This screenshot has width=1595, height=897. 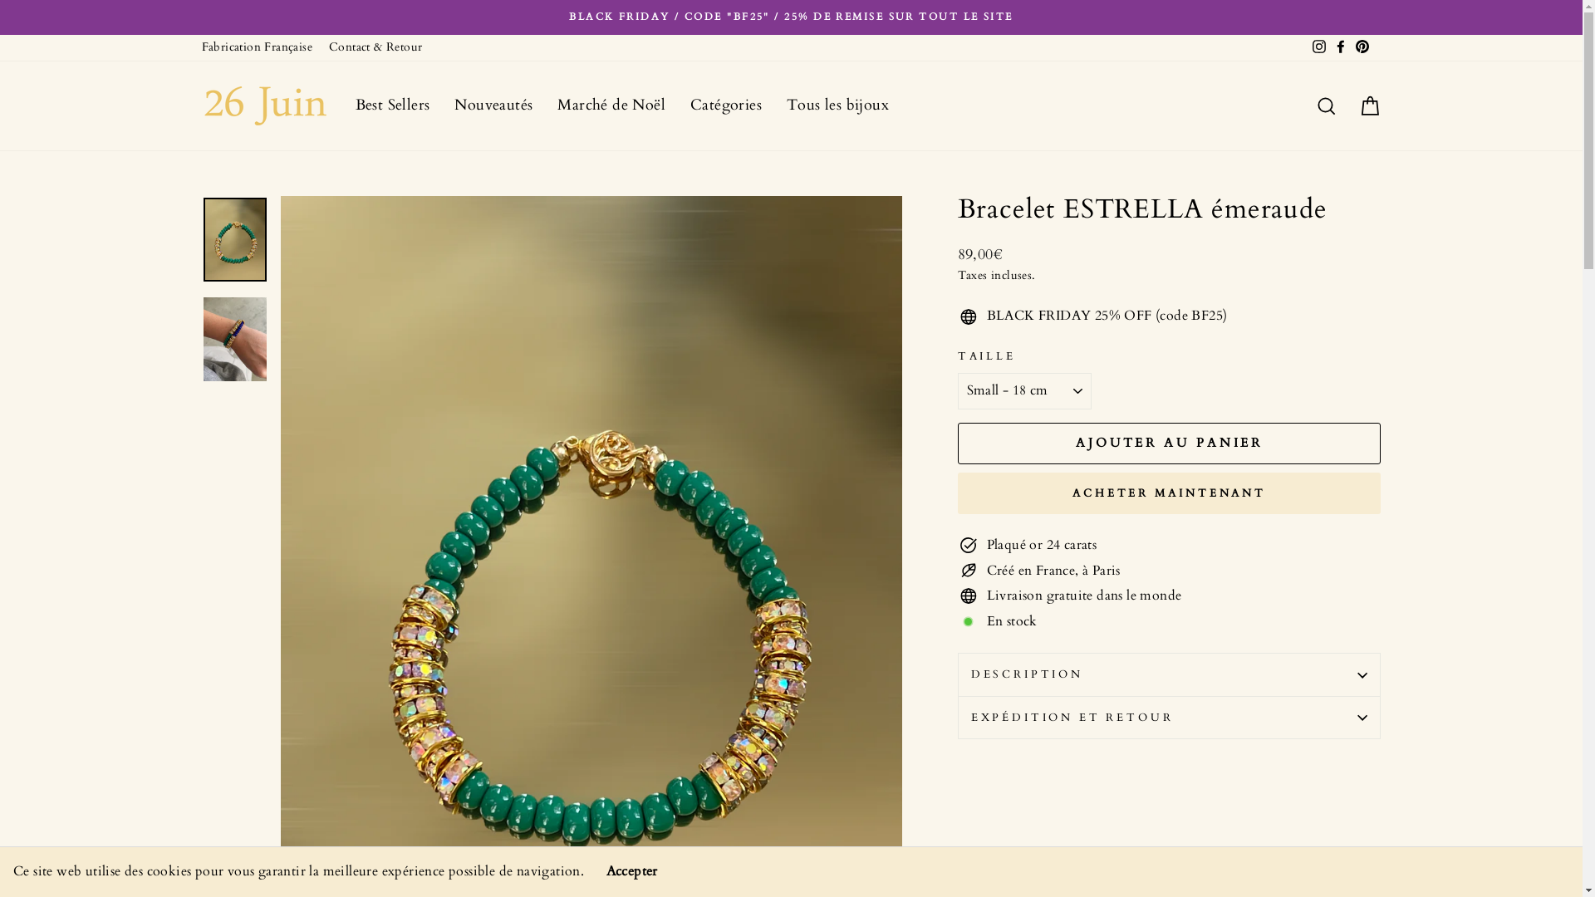 I want to click on 'Tous les bijoux', so click(x=837, y=105).